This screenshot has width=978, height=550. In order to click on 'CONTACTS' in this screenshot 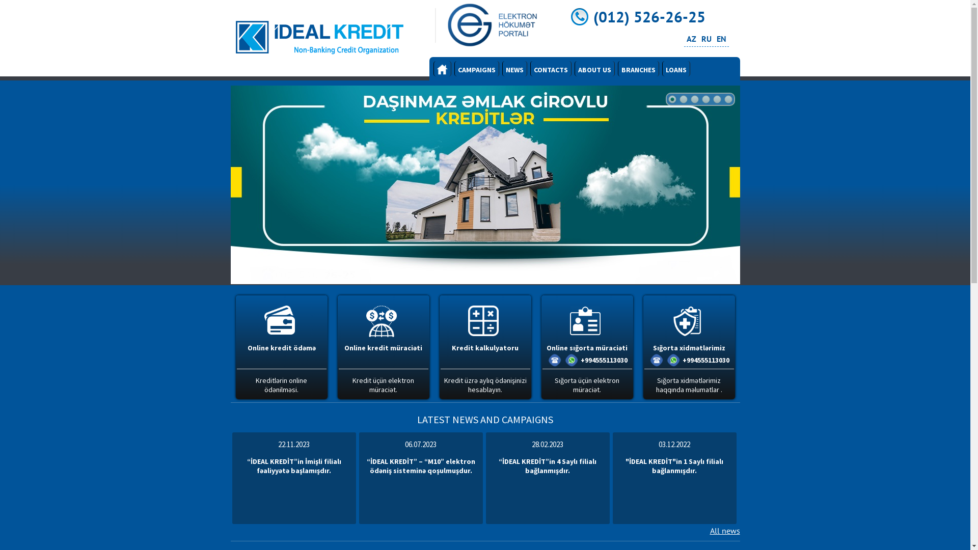, I will do `click(550, 69)`.